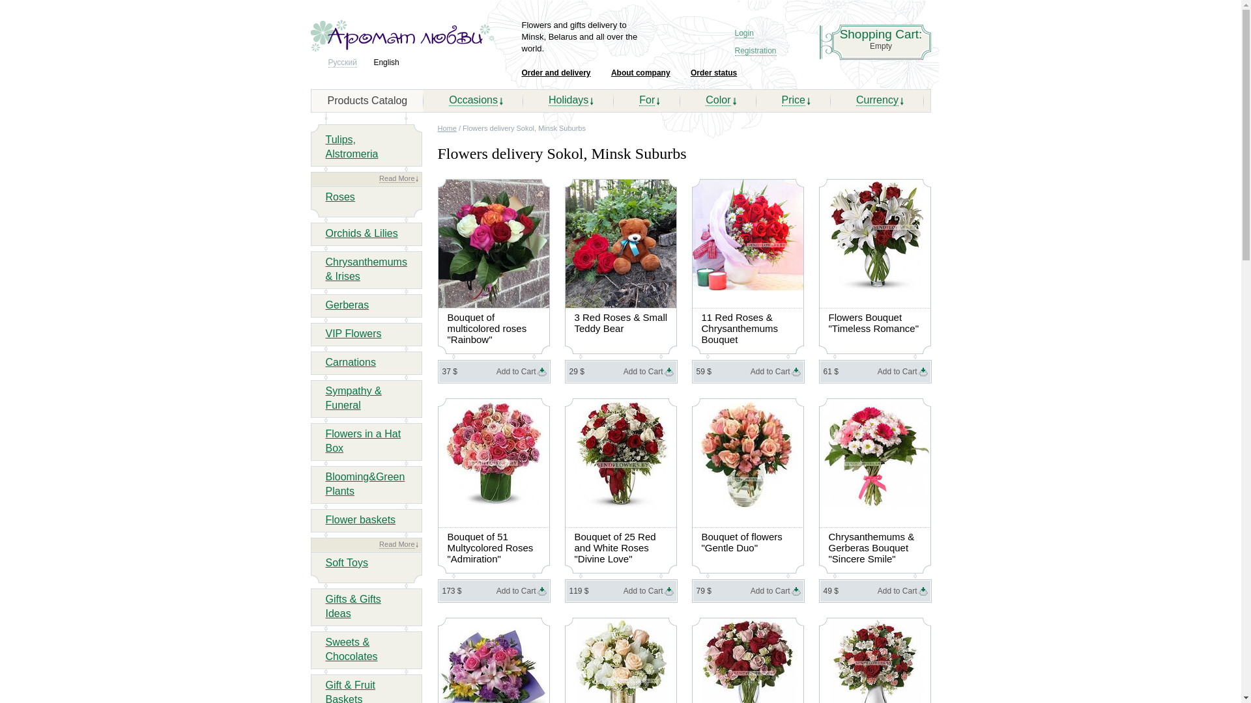 The image size is (1251, 703). Describe the element at coordinates (366, 100) in the screenshot. I see `'Products Catalog'` at that location.